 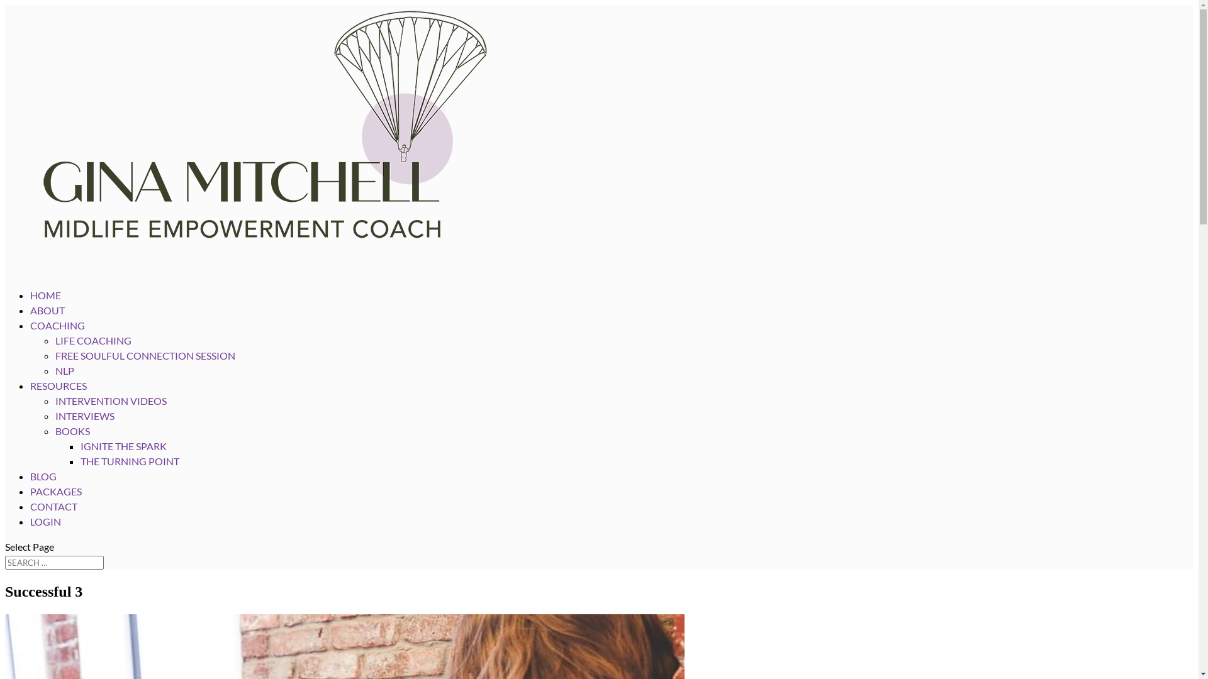 What do you see at coordinates (84, 416) in the screenshot?
I see `'INTERVIEWS'` at bounding box center [84, 416].